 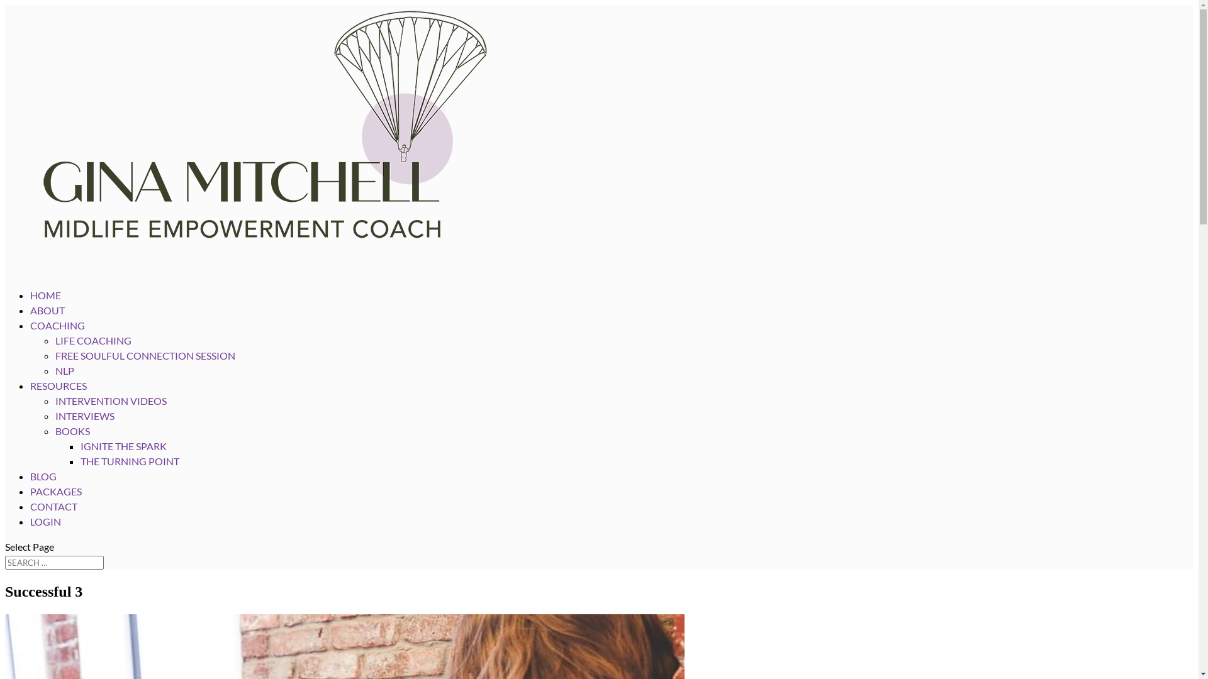 What do you see at coordinates (84, 416) in the screenshot?
I see `'INTERVIEWS'` at bounding box center [84, 416].